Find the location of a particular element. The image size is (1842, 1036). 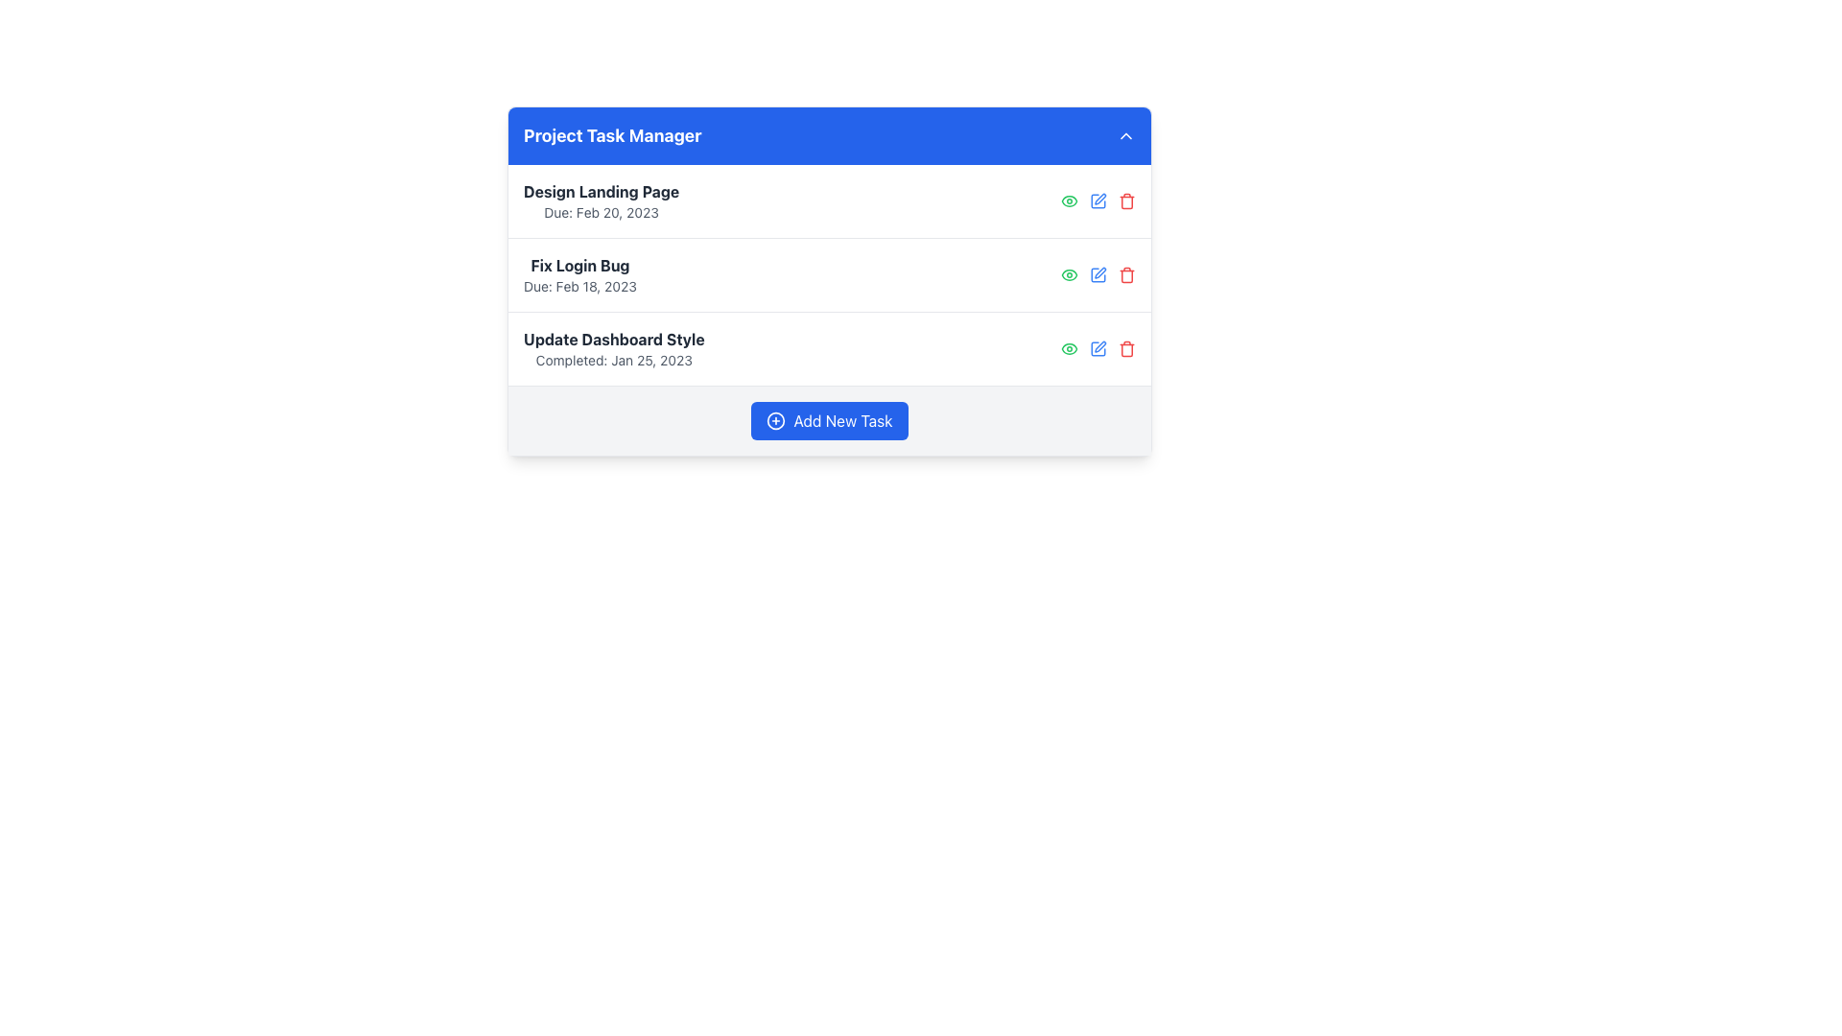

the 'Add Task' button located at the bottom of the task management interface is located at coordinates (829, 419).